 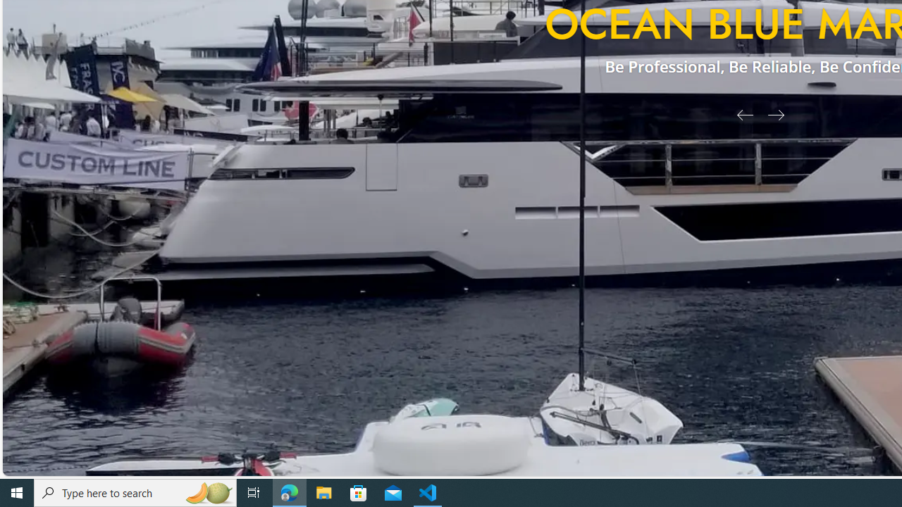 I want to click on 'Previous Slide', so click(x=739, y=113).